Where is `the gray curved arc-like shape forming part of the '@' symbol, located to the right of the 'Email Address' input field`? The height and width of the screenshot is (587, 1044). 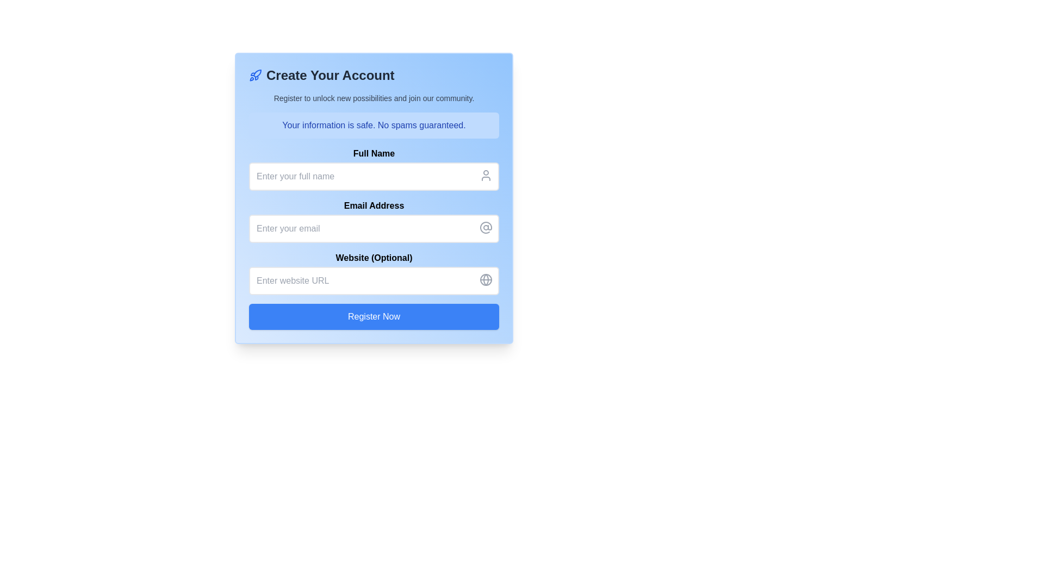
the gray curved arc-like shape forming part of the '@' symbol, located to the right of the 'Email Address' input field is located at coordinates (485, 227).